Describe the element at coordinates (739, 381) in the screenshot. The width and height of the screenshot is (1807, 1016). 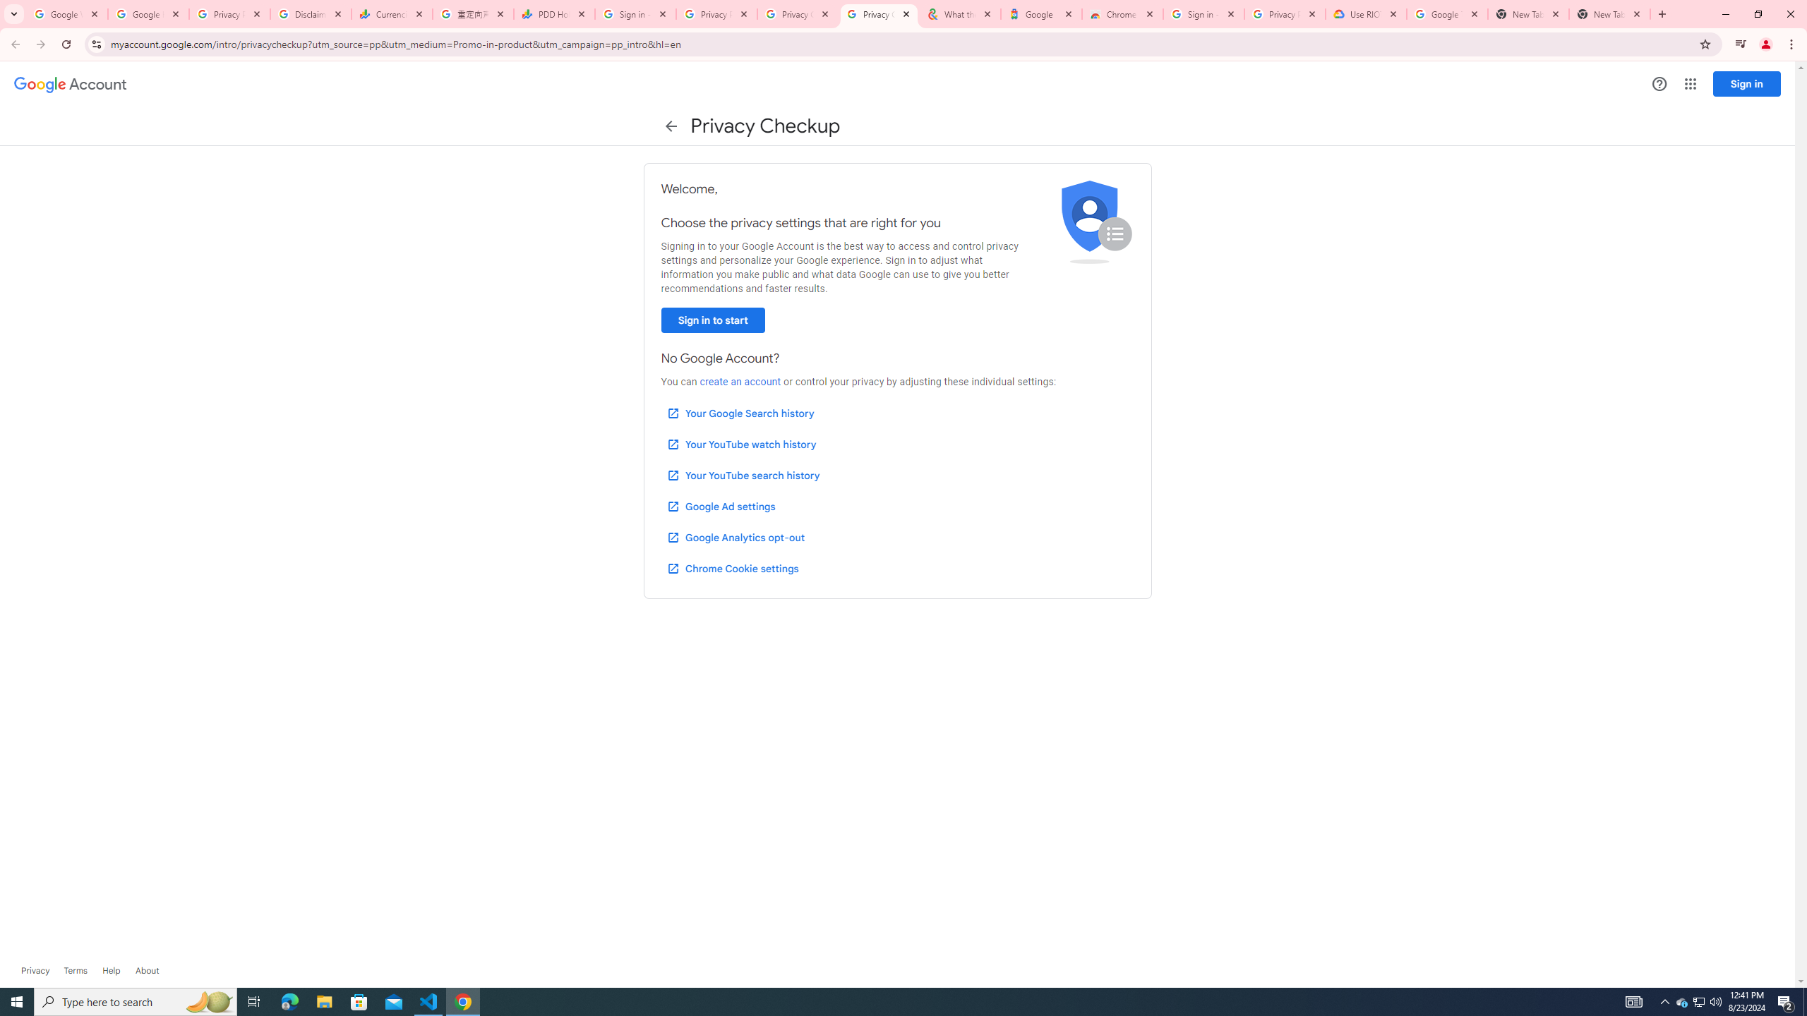
I see `'create an account'` at that location.